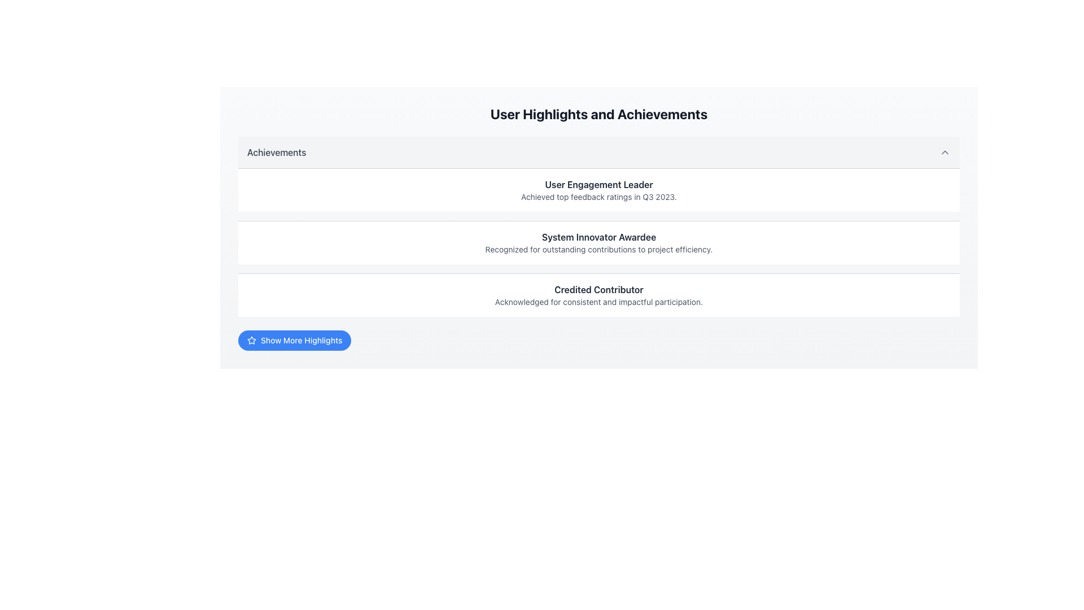  I want to click on the blue rounded button labeled 'Show More Highlights' with a star icon, so click(295, 339).